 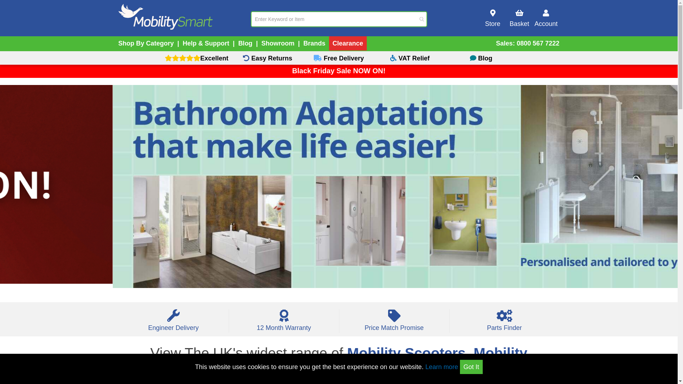 I want to click on 'Parts Finder', so click(x=504, y=324).